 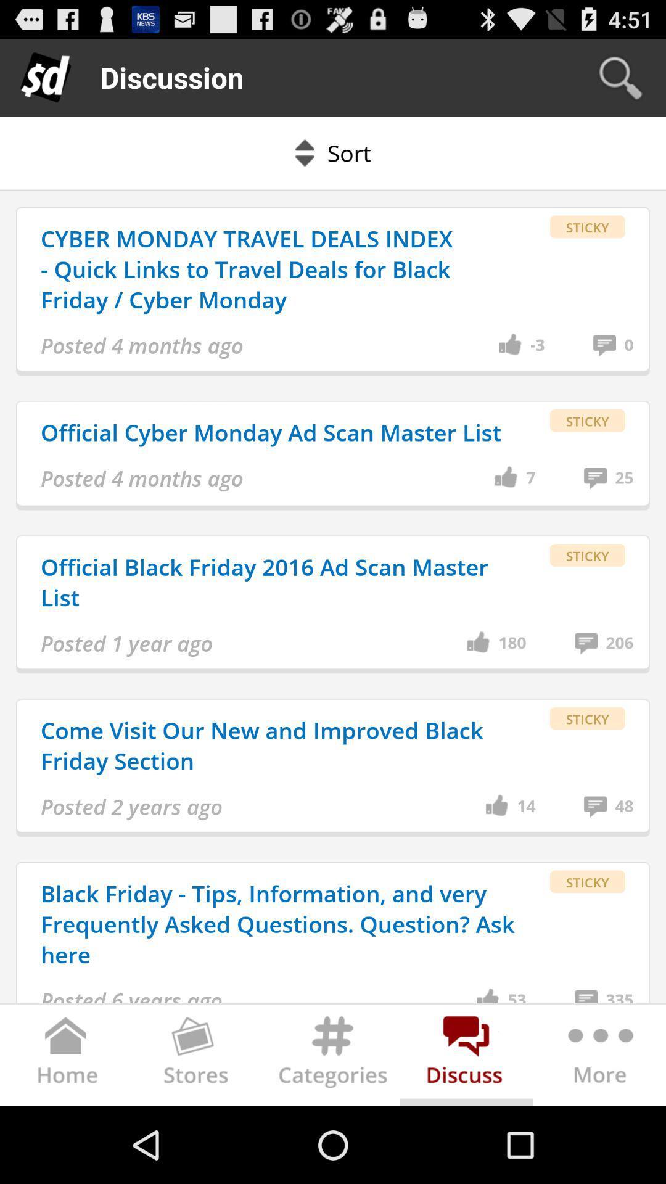 I want to click on the message bar, so click(x=466, y=1058).